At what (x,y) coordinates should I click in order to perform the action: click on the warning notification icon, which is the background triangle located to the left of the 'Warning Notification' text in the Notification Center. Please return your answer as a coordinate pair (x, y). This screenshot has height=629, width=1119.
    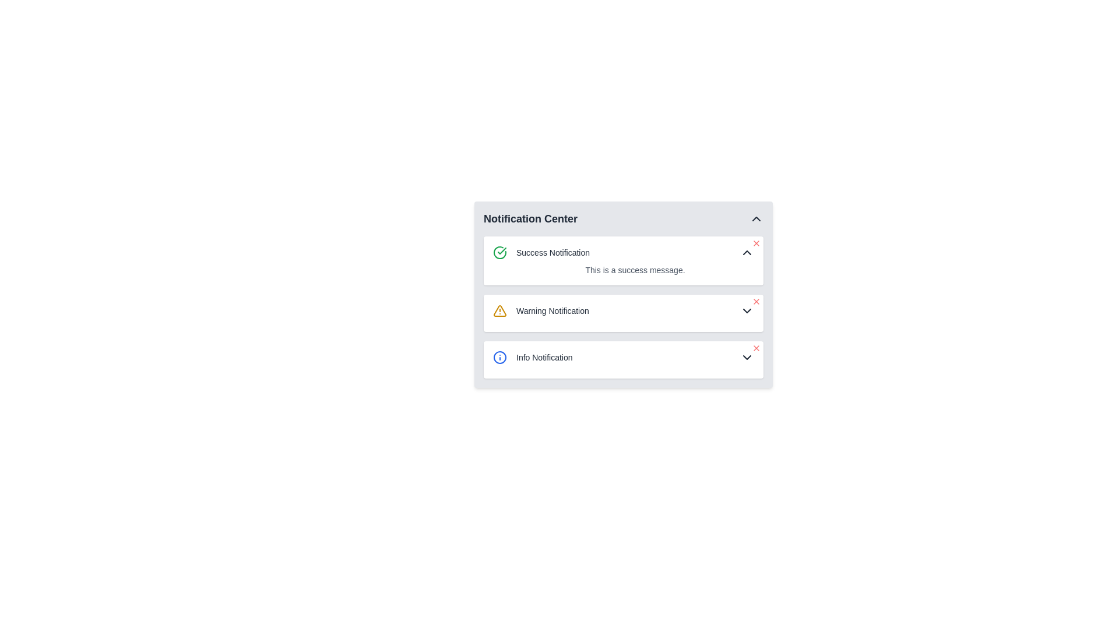
    Looking at the image, I should click on (500, 310).